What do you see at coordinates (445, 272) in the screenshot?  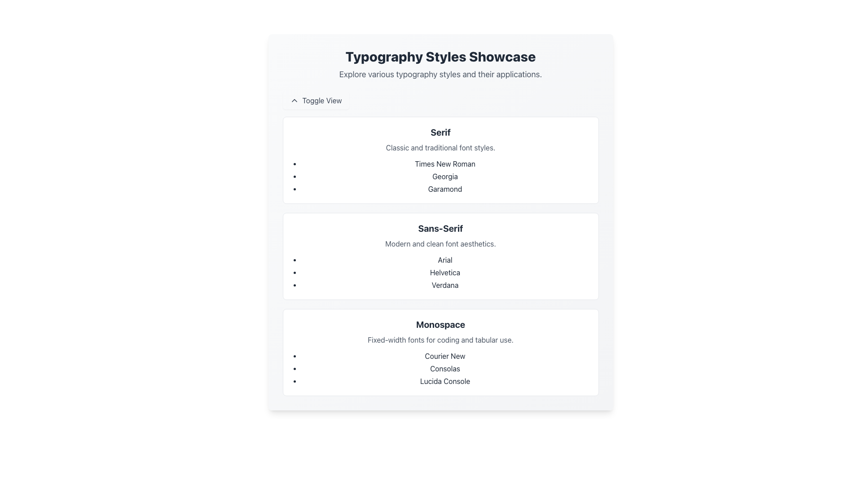 I see `the 'Helvetica' text item in the list under the 'Sans-Serif' category, which is the second item in the list and displayed in dark gray color` at bounding box center [445, 272].